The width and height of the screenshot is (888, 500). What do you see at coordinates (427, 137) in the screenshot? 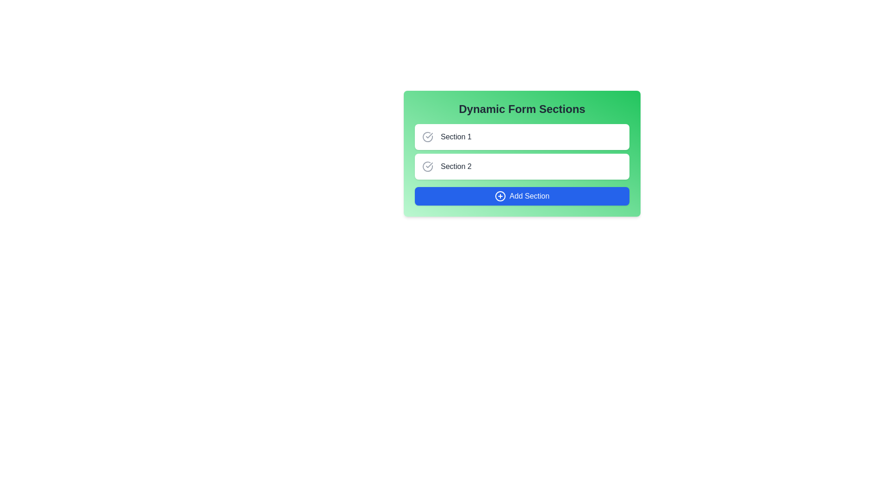
I see `the decorative icon indicating that 'Section 1' is selected, which is located to the left of the text 'Section 1' in the first row of the 'Dynamic Form Sections' list` at bounding box center [427, 137].